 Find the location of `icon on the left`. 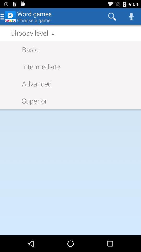

icon on the left is located at coordinates (32, 100).